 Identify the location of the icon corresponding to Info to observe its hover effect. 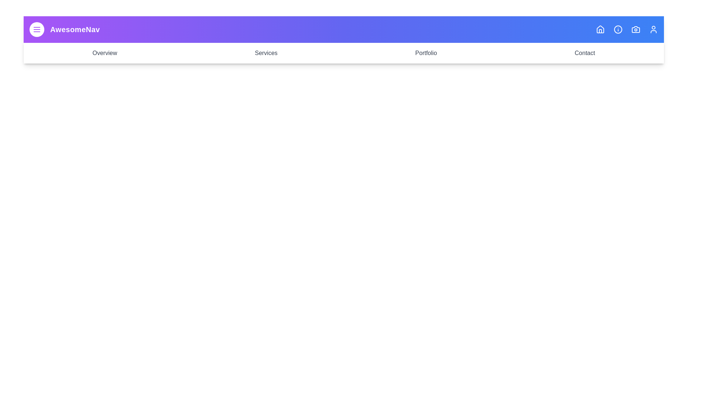
(618, 29).